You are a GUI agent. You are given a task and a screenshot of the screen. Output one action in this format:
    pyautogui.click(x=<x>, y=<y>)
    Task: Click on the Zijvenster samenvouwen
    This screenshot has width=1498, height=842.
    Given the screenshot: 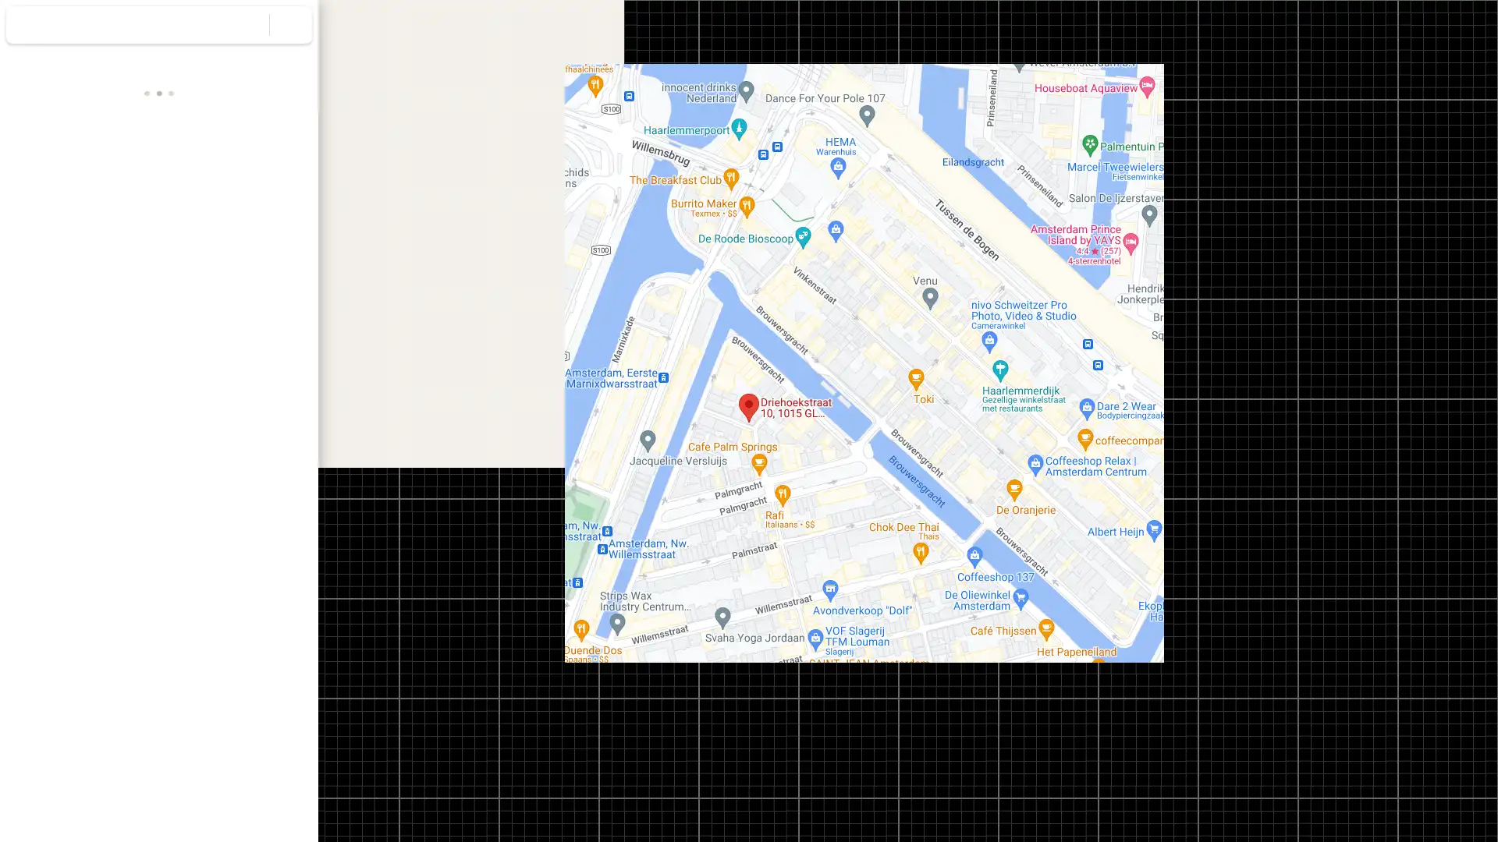 What is the action you would take?
    pyautogui.click(x=326, y=421)
    